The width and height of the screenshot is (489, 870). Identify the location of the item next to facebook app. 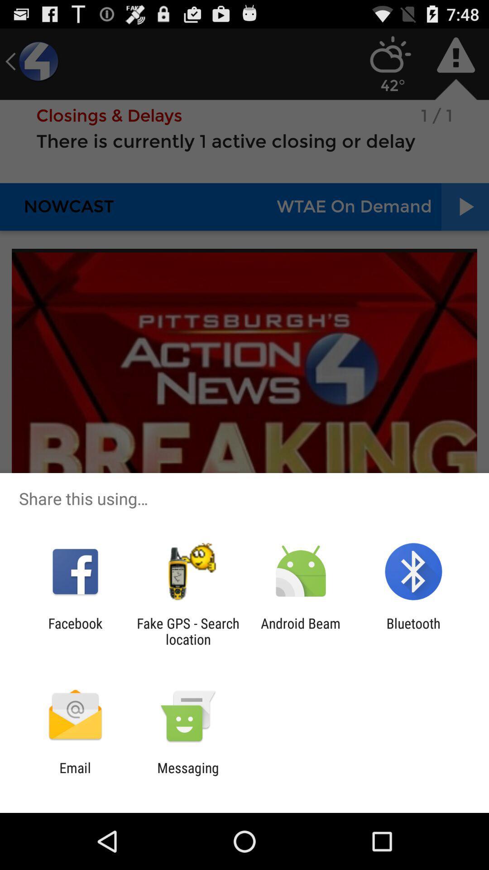
(187, 631).